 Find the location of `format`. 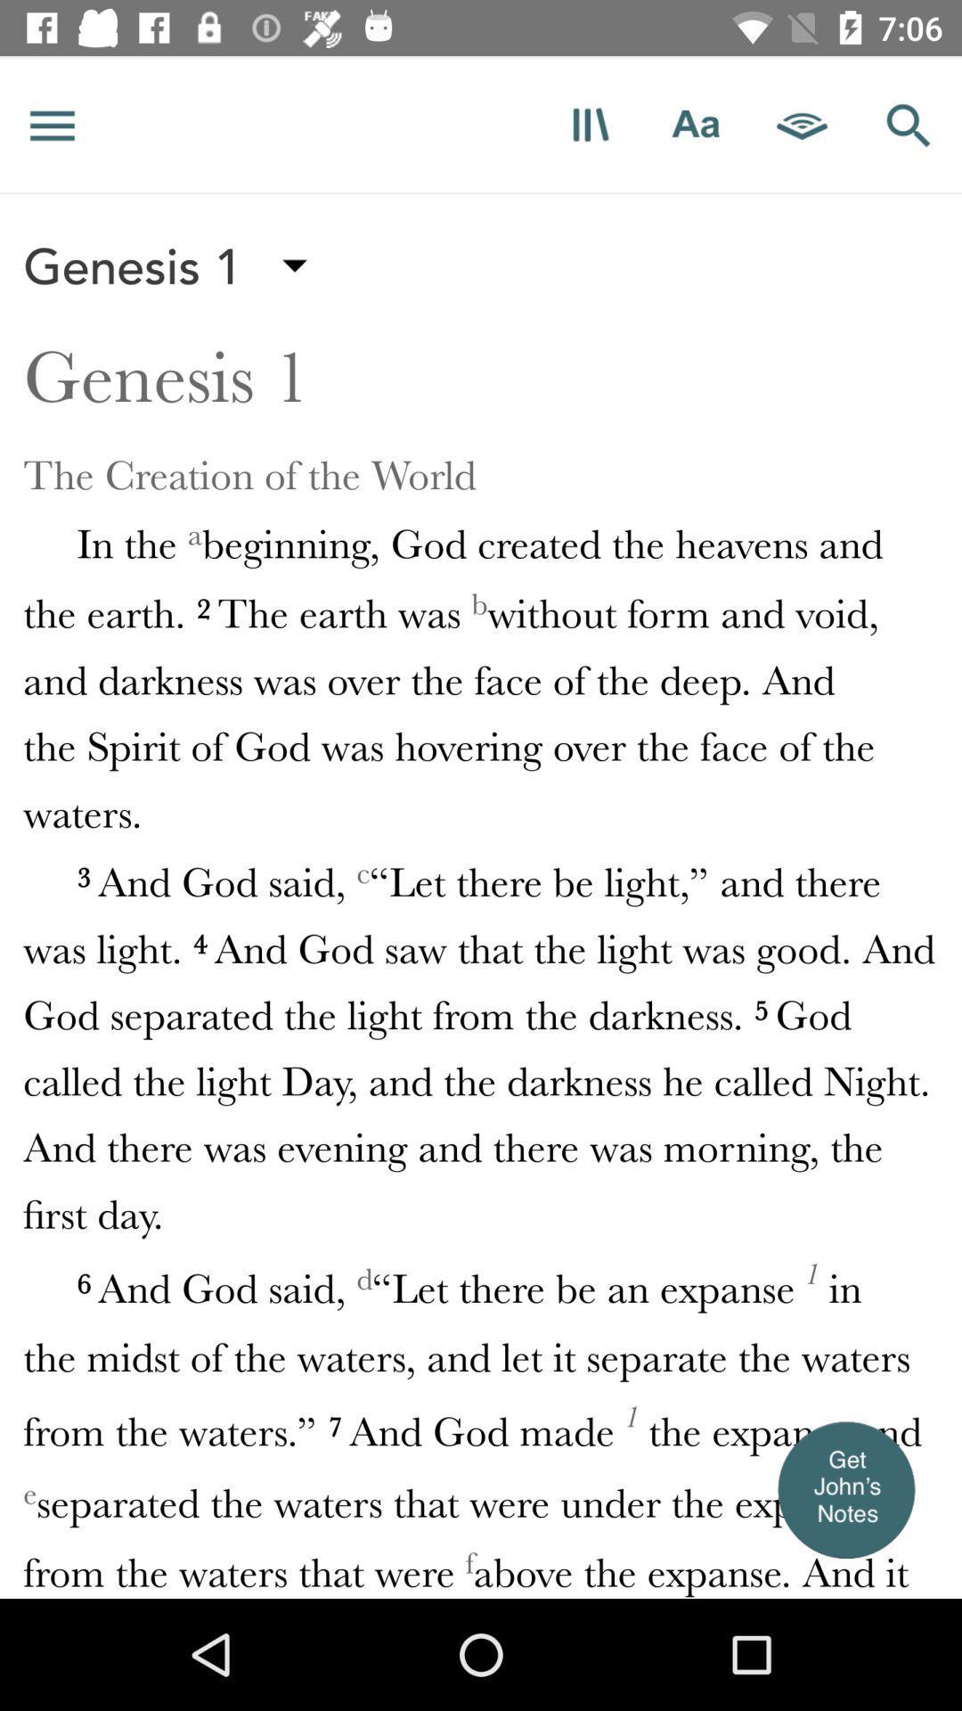

format is located at coordinates (590, 124).